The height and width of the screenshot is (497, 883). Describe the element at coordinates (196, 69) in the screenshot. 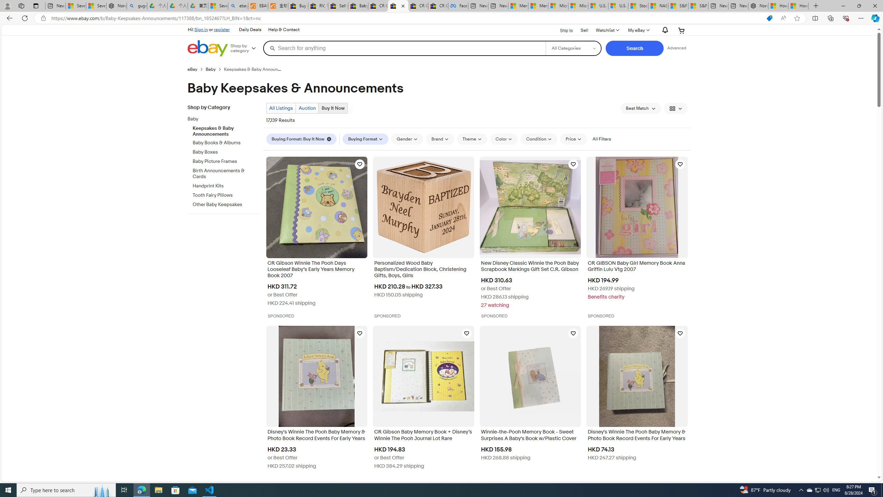

I see `'eBay'` at that location.